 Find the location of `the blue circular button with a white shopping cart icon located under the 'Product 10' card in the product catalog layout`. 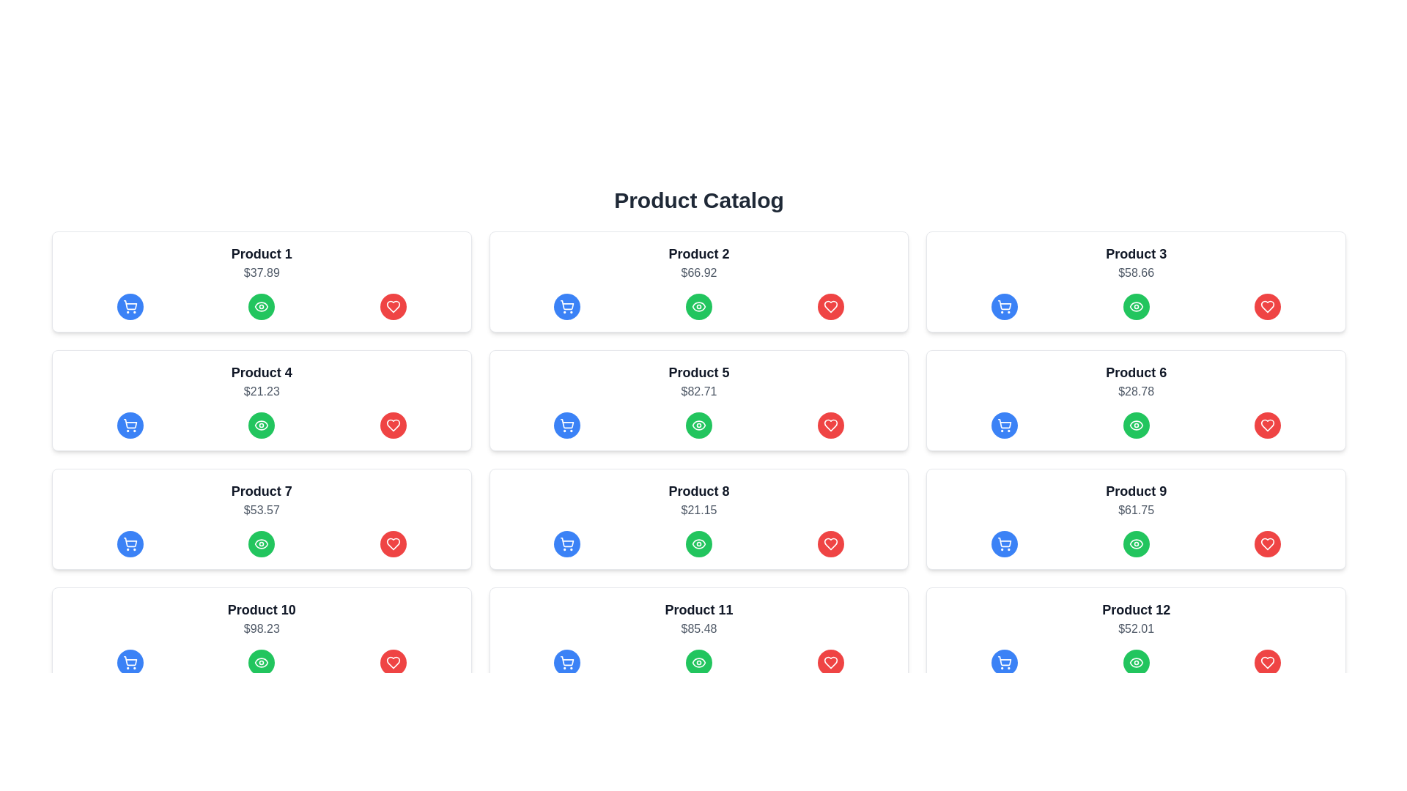

the blue circular button with a white shopping cart icon located under the 'Product 10' card in the product catalog layout is located at coordinates (130, 663).